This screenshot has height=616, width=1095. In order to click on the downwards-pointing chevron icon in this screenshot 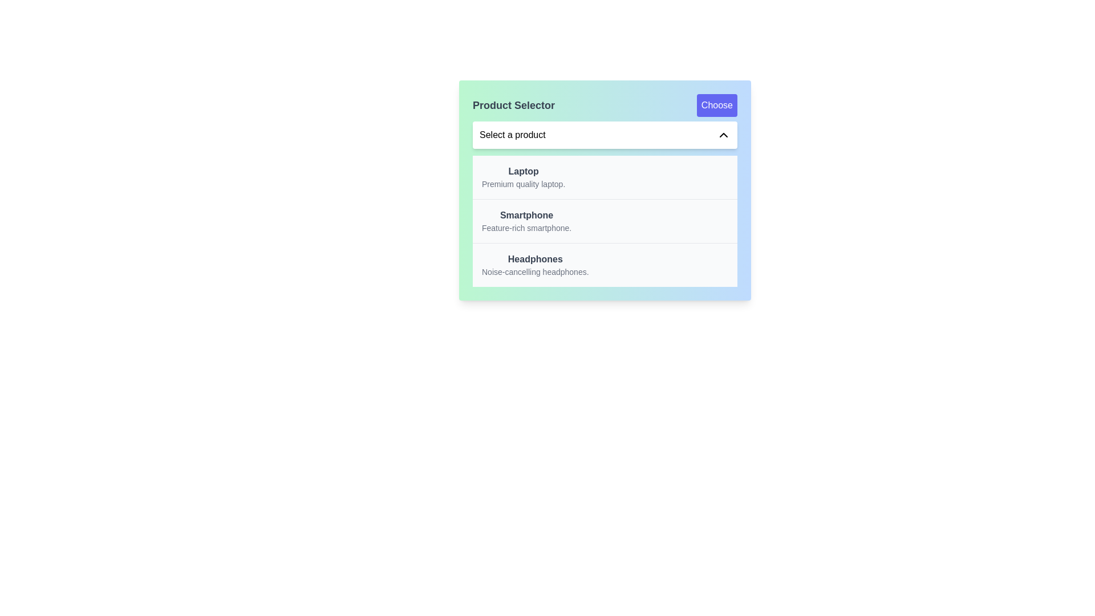, I will do `click(723, 134)`.